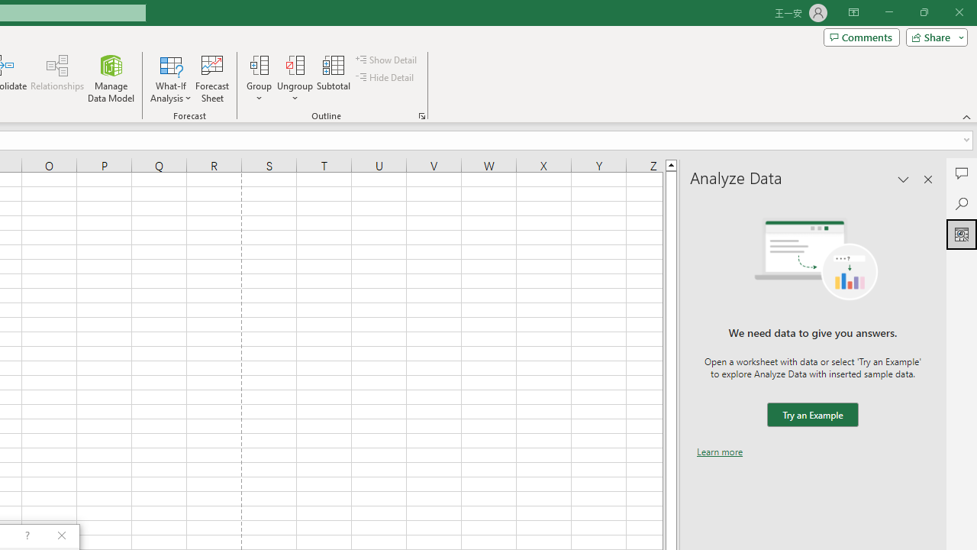 The height and width of the screenshot is (550, 977). I want to click on 'Collapse the Ribbon', so click(966, 116).